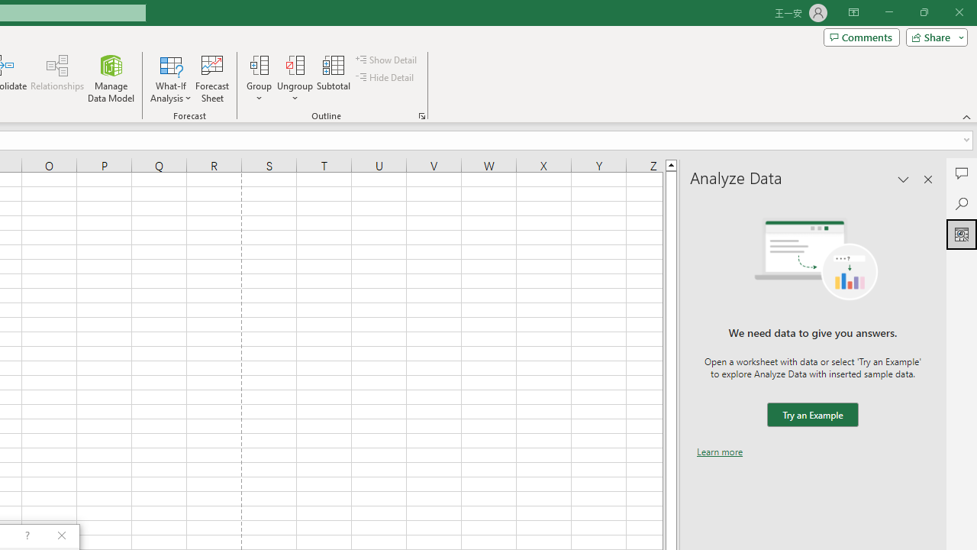 The height and width of the screenshot is (550, 977). I want to click on 'Collapse the Ribbon', so click(966, 116).